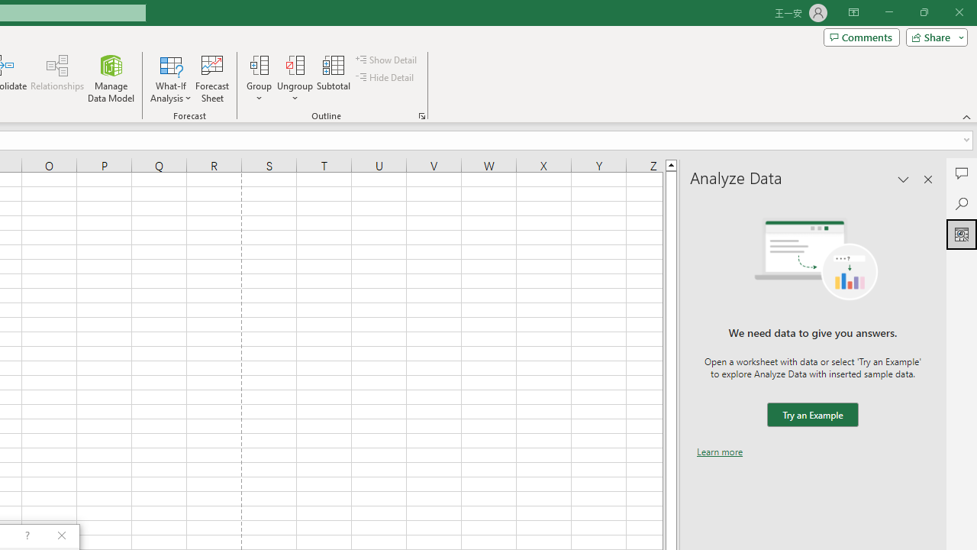 The height and width of the screenshot is (550, 977). I want to click on 'Collapse the Ribbon', so click(966, 116).